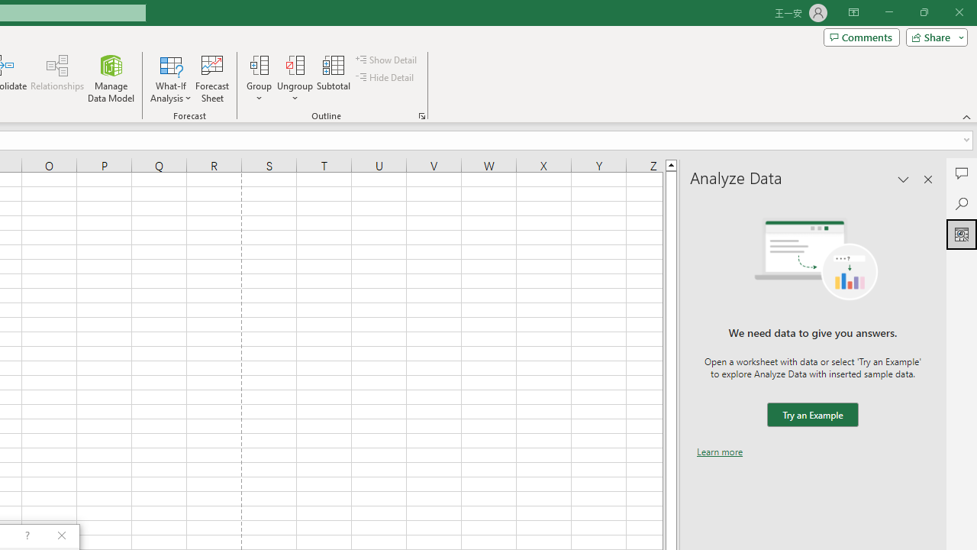 The height and width of the screenshot is (550, 977). I want to click on 'Collapse the Ribbon', so click(966, 116).